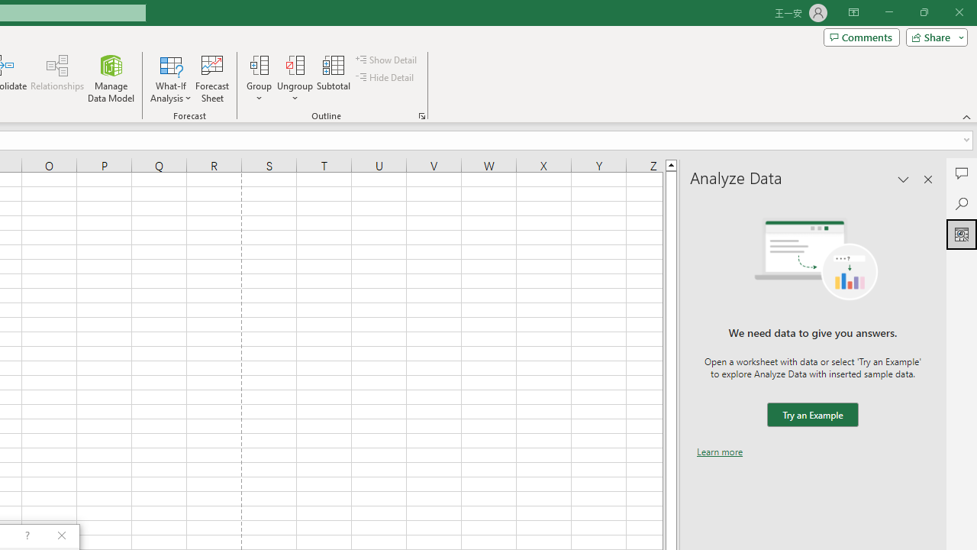 The height and width of the screenshot is (550, 977). I want to click on 'Collapse the Ribbon', so click(966, 116).